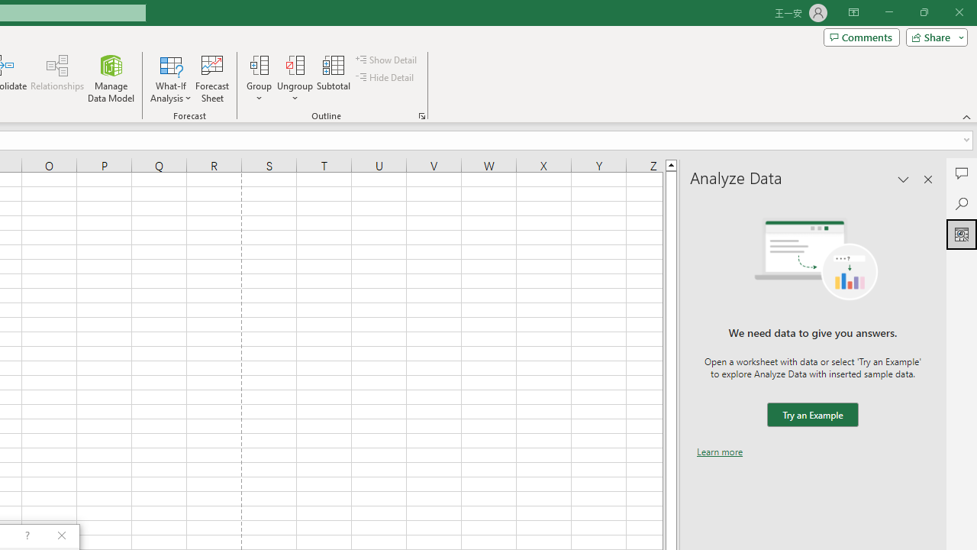 The height and width of the screenshot is (550, 977). I want to click on 'Collapse the Ribbon', so click(966, 116).